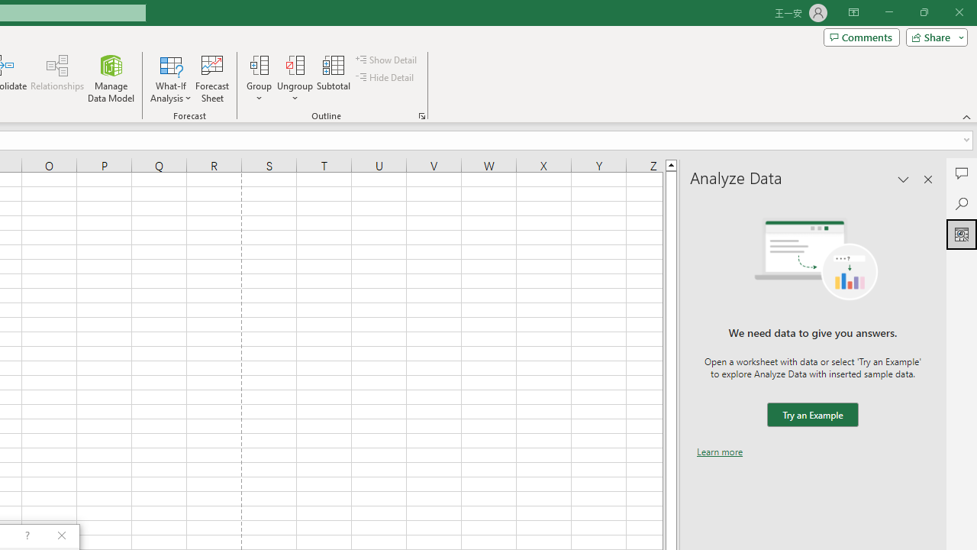 The height and width of the screenshot is (550, 977). I want to click on 'Collapse the Ribbon', so click(966, 116).